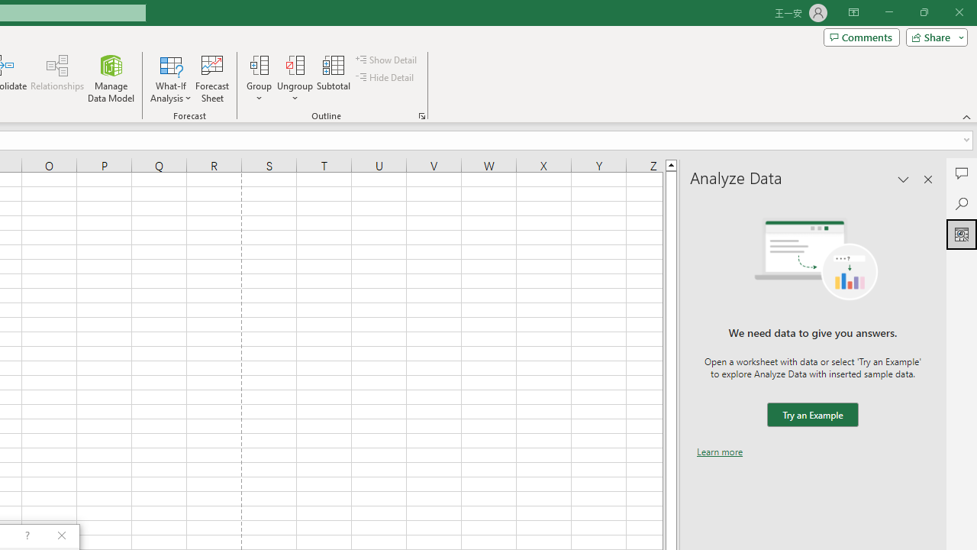 The height and width of the screenshot is (550, 977). I want to click on 'Collapse the Ribbon', so click(966, 116).